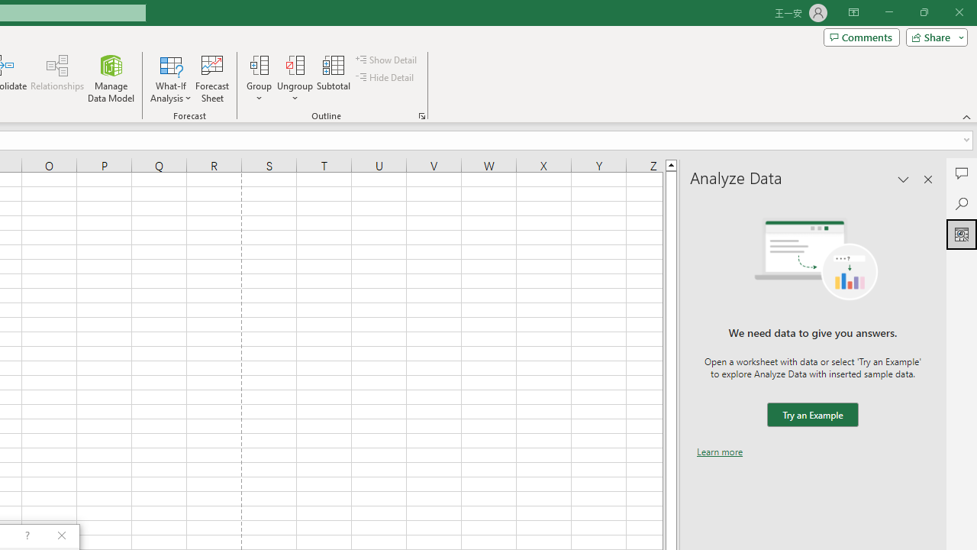 The height and width of the screenshot is (550, 977). I want to click on 'Collapse the Ribbon', so click(966, 116).